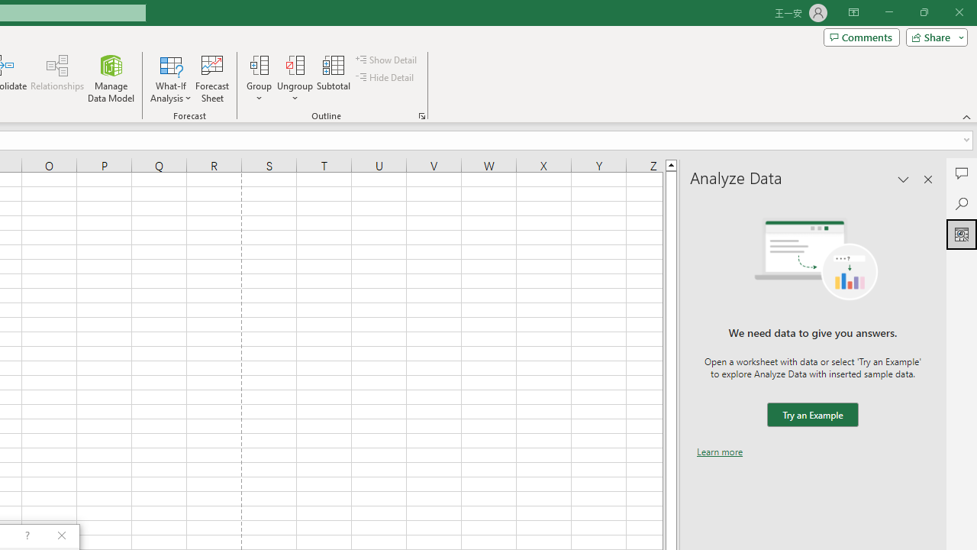 The height and width of the screenshot is (550, 977). I want to click on 'Collapse the Ribbon', so click(966, 116).